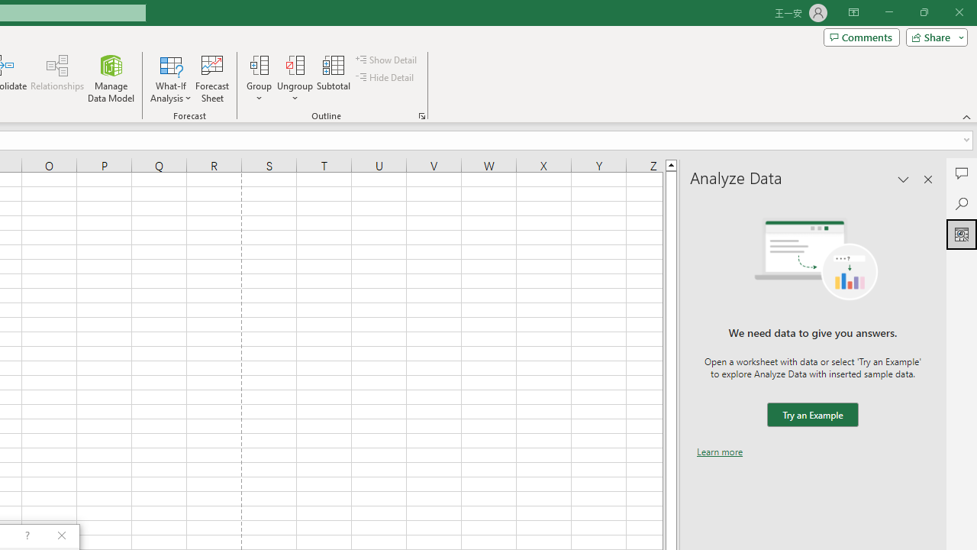 The height and width of the screenshot is (550, 977). I want to click on 'Collapse the Ribbon', so click(966, 116).